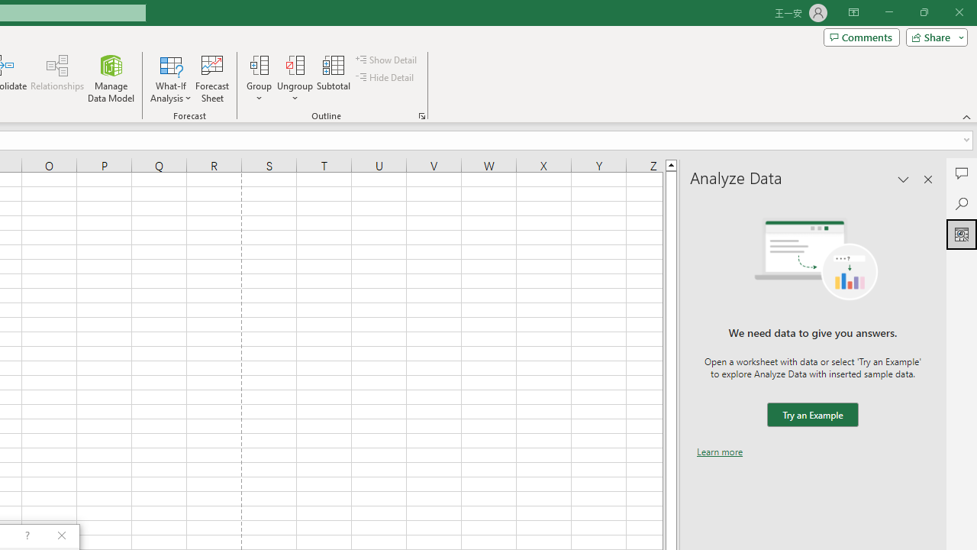 The height and width of the screenshot is (550, 977). I want to click on 'Collapse the Ribbon', so click(966, 116).